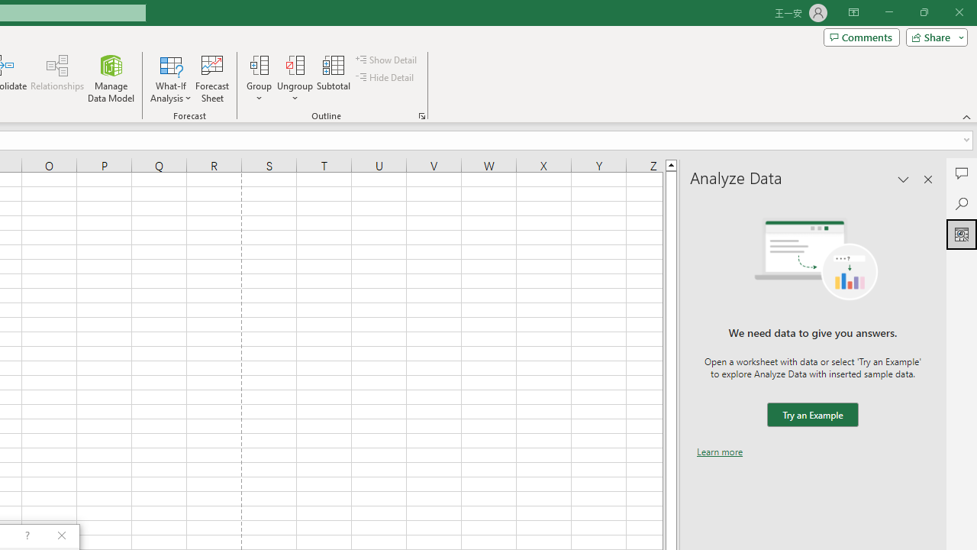 The height and width of the screenshot is (550, 977). I want to click on 'Collapse the Ribbon', so click(966, 116).